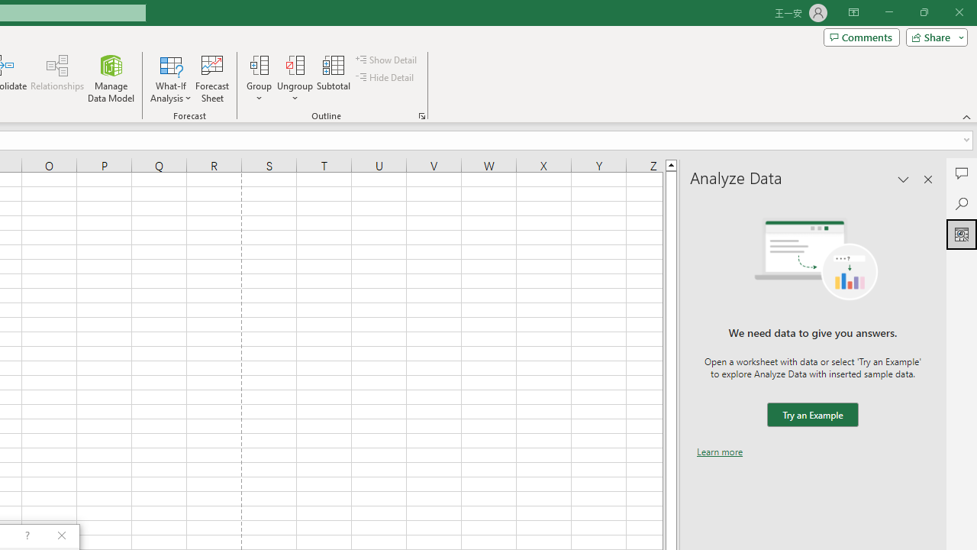 The height and width of the screenshot is (550, 977). I want to click on 'Collapse the Ribbon', so click(966, 116).